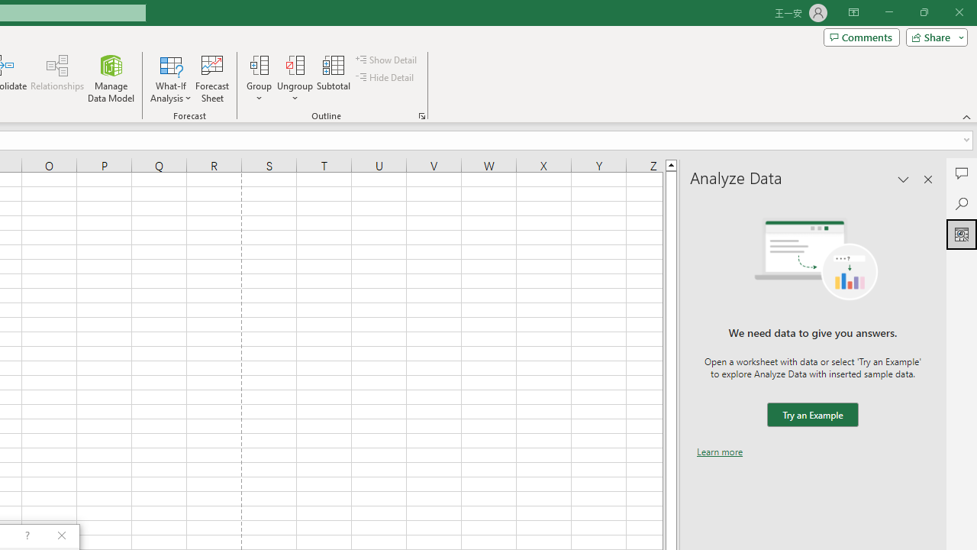 The height and width of the screenshot is (550, 977). I want to click on 'Collapse the Ribbon', so click(966, 116).